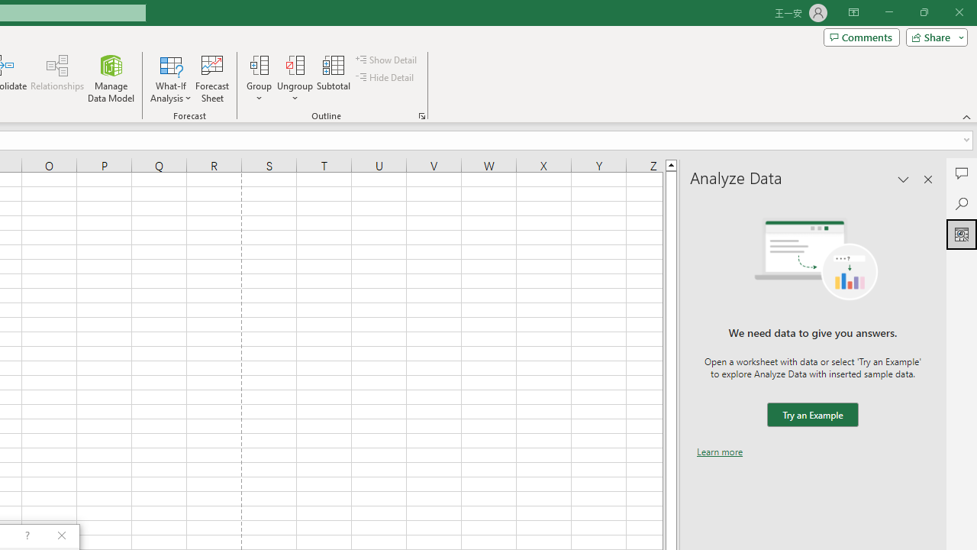 The height and width of the screenshot is (550, 977). I want to click on 'Collapse the Ribbon', so click(966, 116).